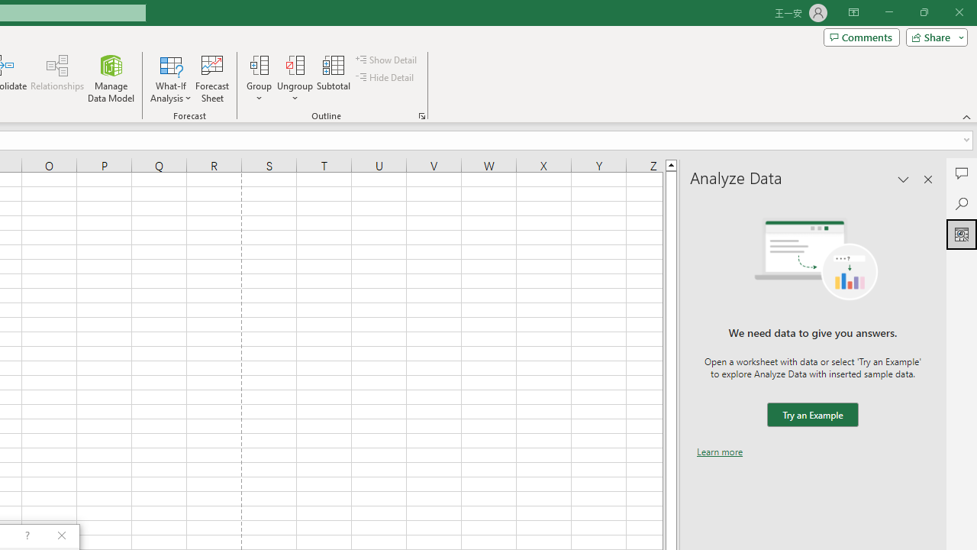 The height and width of the screenshot is (550, 977). I want to click on 'Collapse the Ribbon', so click(966, 116).